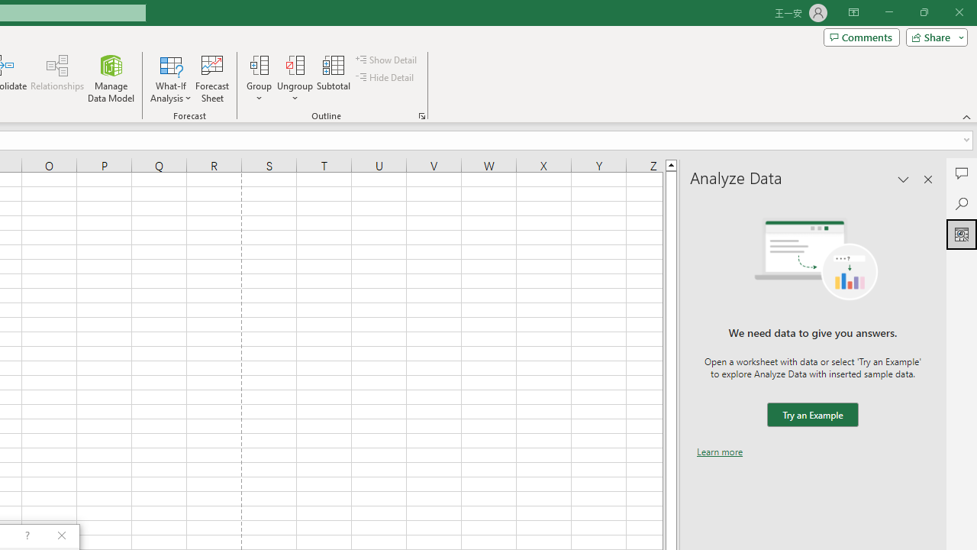 The height and width of the screenshot is (550, 977). I want to click on 'Collapse the Ribbon', so click(966, 116).